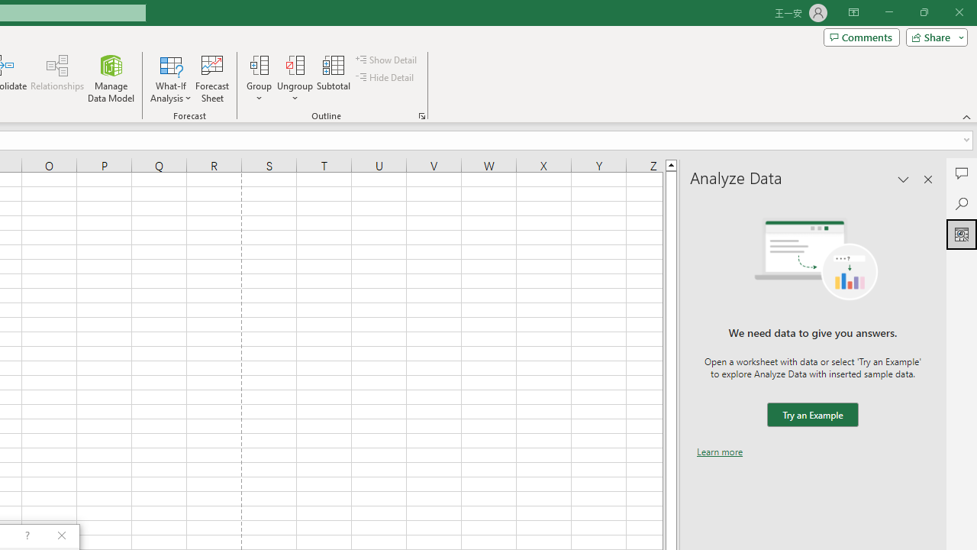 The height and width of the screenshot is (550, 977). I want to click on 'Collapse the Ribbon', so click(966, 116).